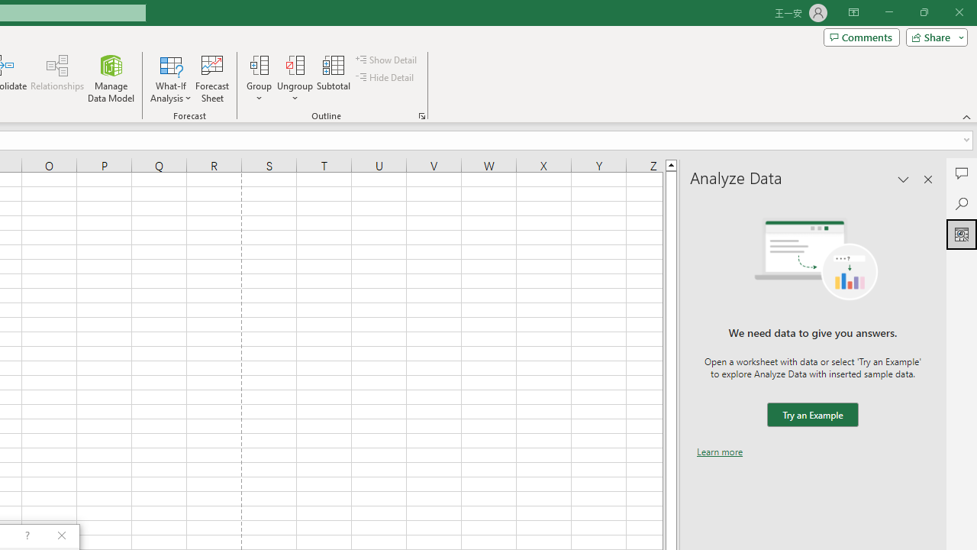 The height and width of the screenshot is (550, 977). I want to click on 'Collapse the Ribbon', so click(966, 116).